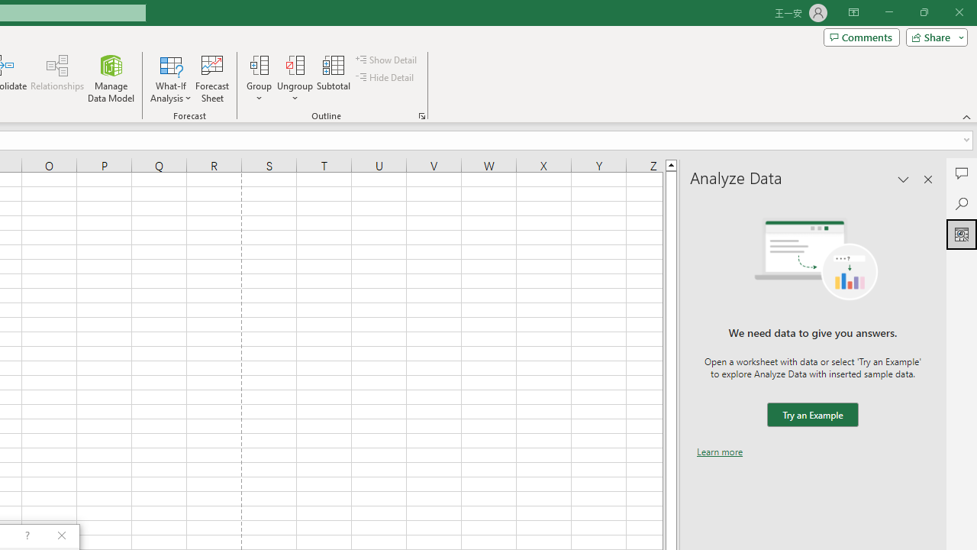 The height and width of the screenshot is (550, 977). I want to click on 'Collapse the Ribbon', so click(966, 116).